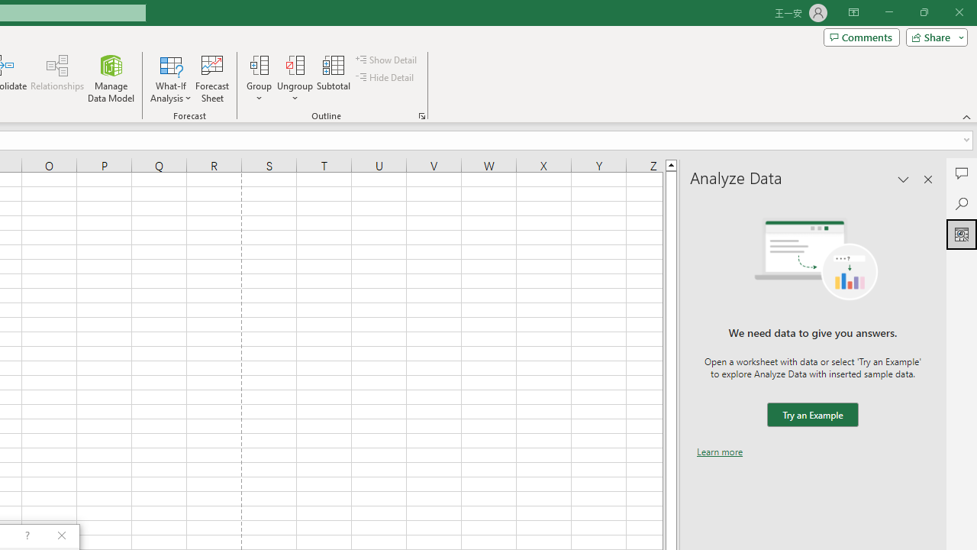 The height and width of the screenshot is (550, 977). I want to click on 'Collapse the Ribbon', so click(966, 116).